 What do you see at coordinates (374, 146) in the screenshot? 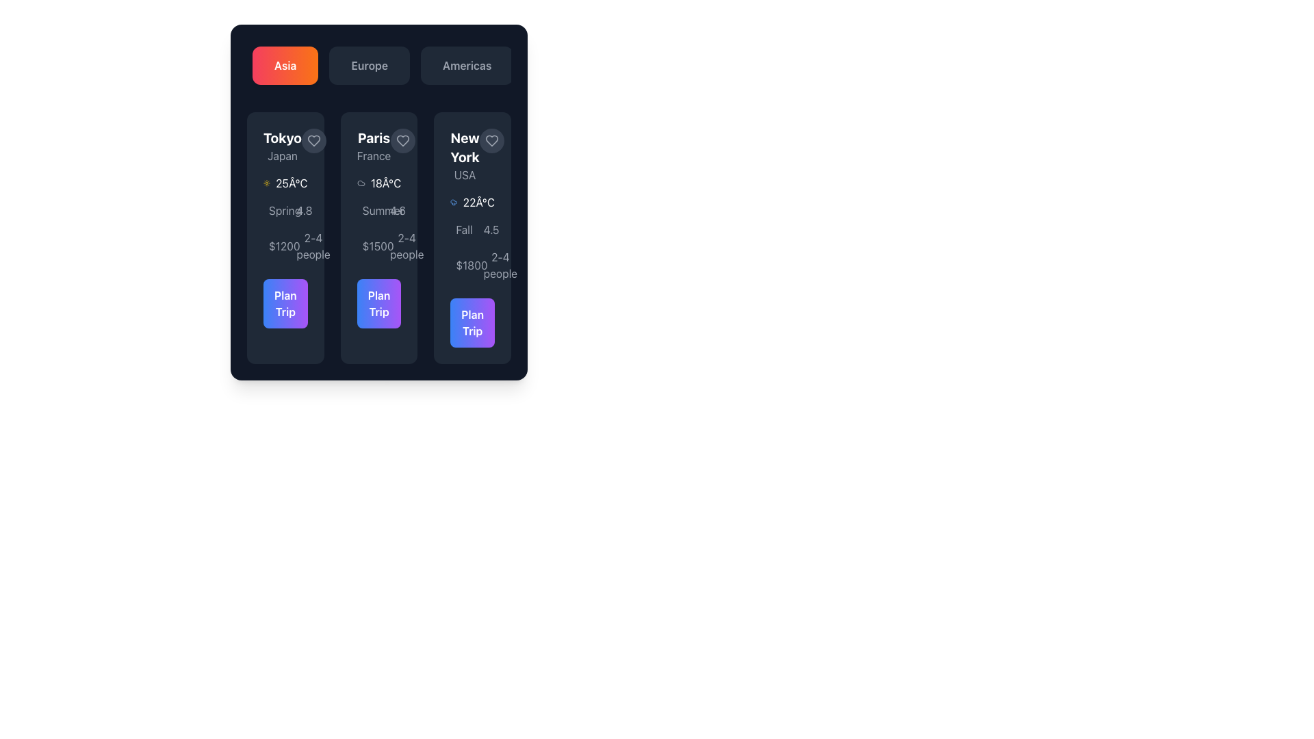
I see `the label indicating the name and location of a travel destination, located in the top section of the second card in a horizontal list of travel destination cards, between 'Tokyo' and 'New York'` at bounding box center [374, 146].